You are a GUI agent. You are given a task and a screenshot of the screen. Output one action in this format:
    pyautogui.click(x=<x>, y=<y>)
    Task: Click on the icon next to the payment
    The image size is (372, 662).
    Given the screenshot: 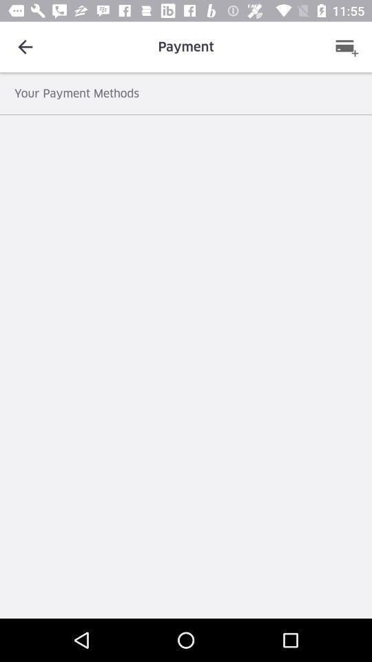 What is the action you would take?
    pyautogui.click(x=25, y=47)
    